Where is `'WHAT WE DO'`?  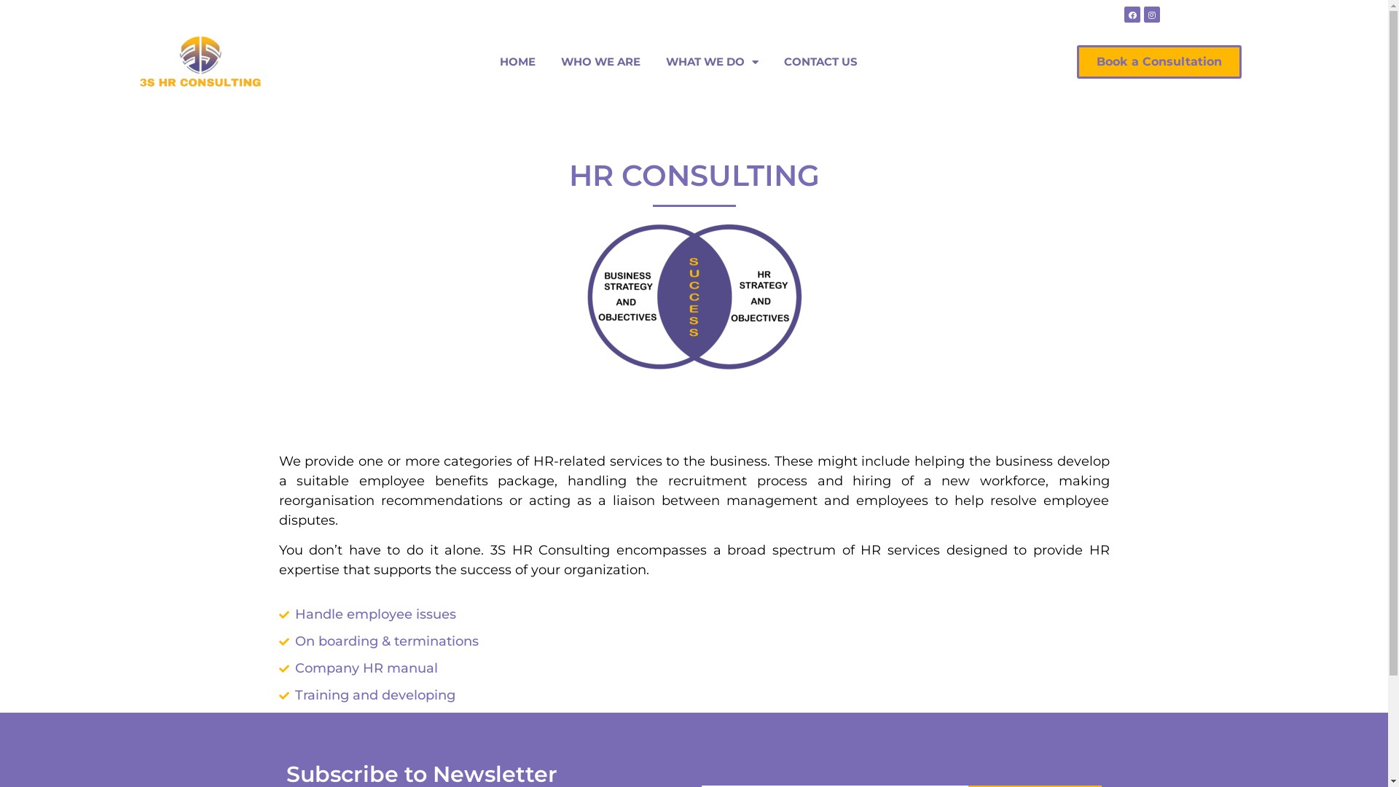 'WHAT WE DO' is located at coordinates (712, 60).